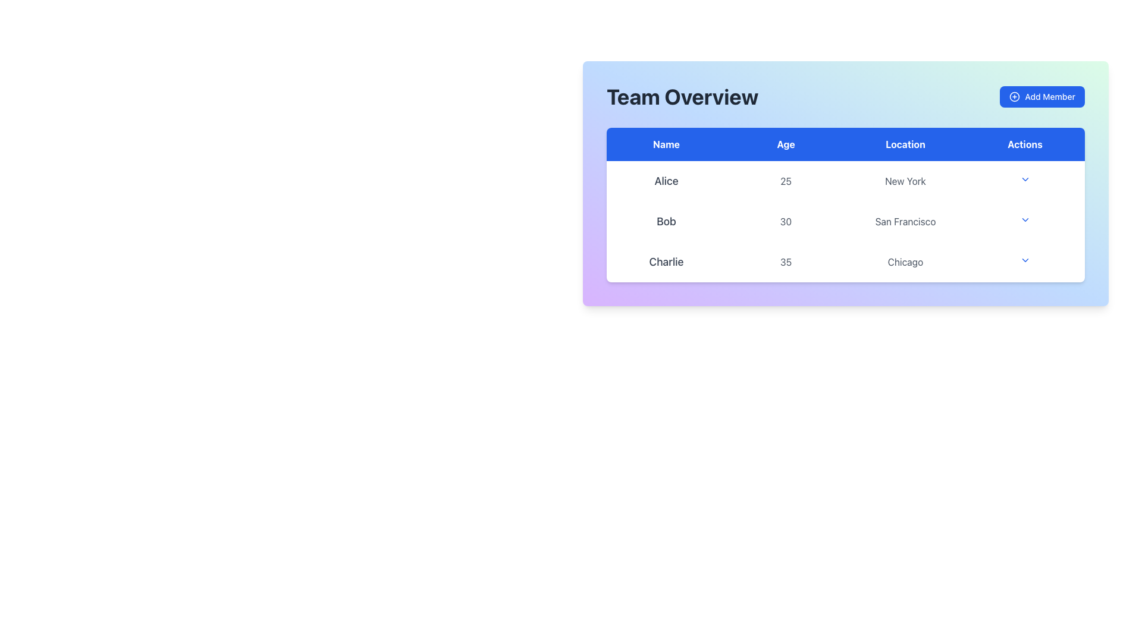  Describe the element at coordinates (905, 144) in the screenshot. I see `'Location' header tab for layout alignment, which is the third tab in the header row, positioned between the 'Age' and 'Actions' tabs` at that location.